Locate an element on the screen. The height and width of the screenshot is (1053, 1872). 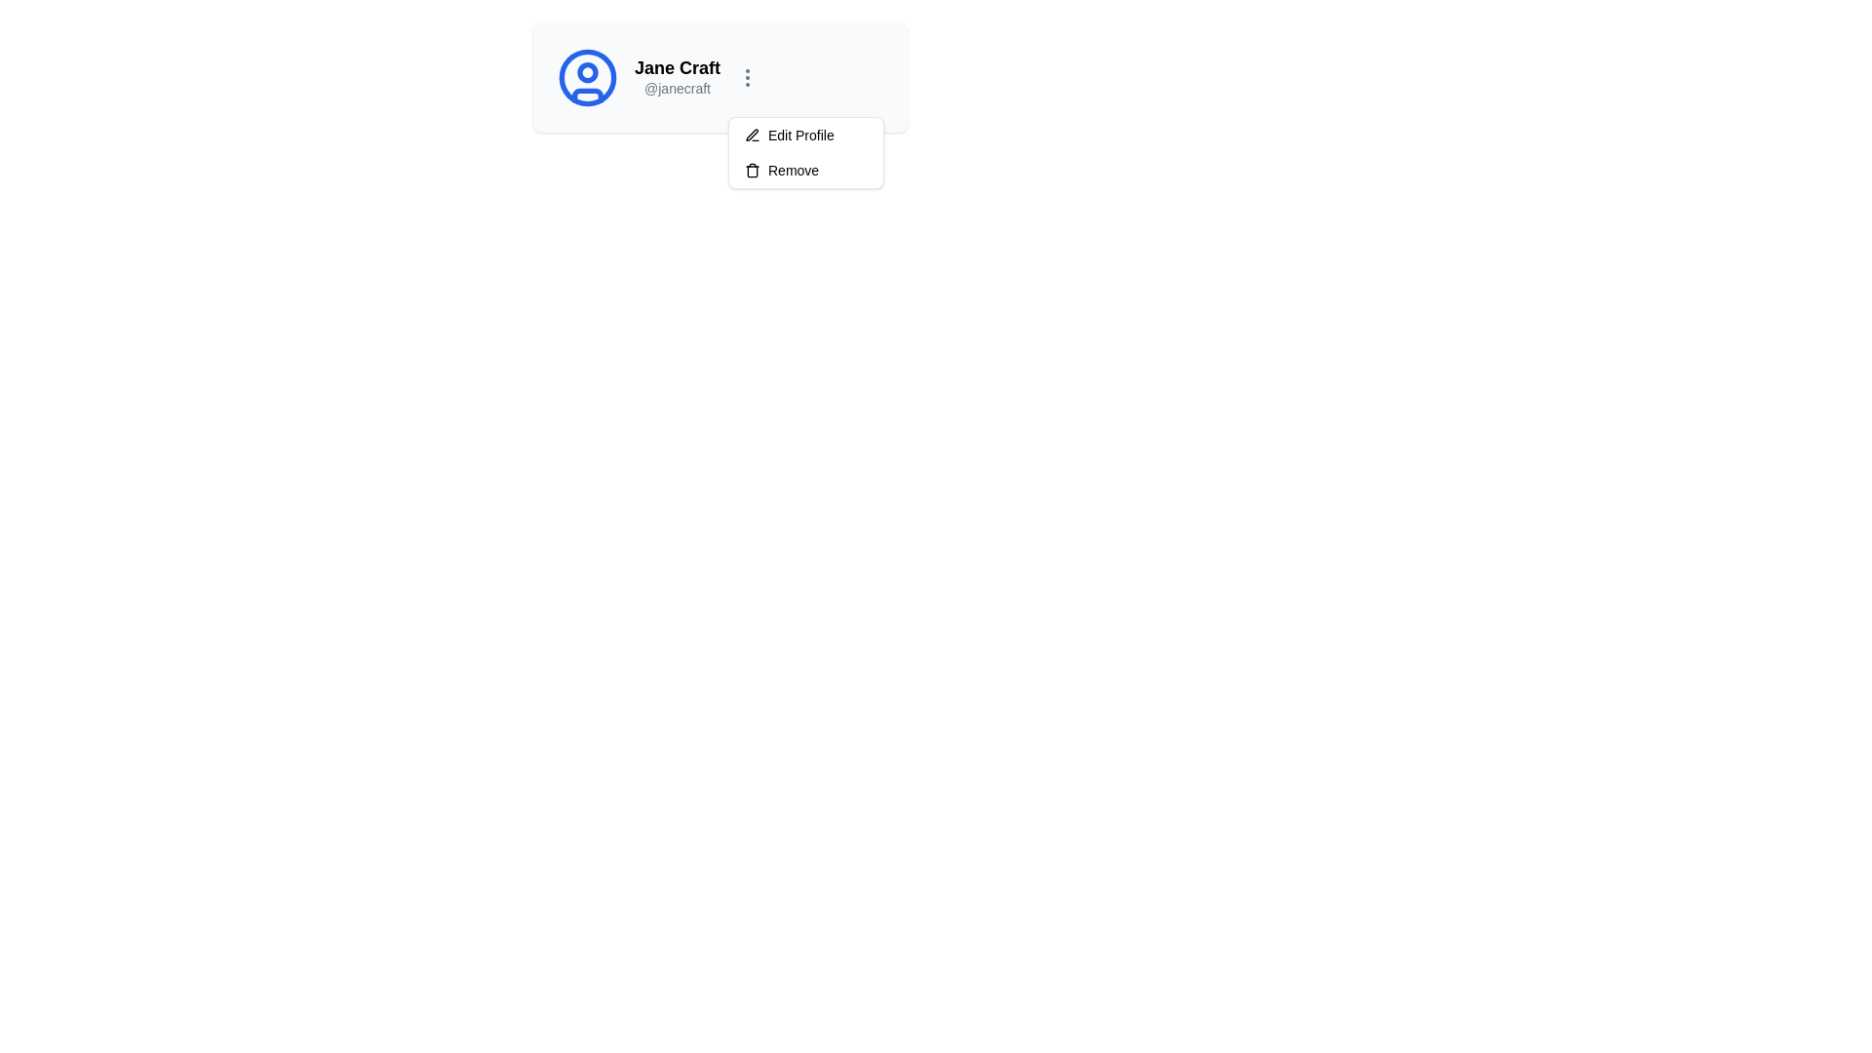
the 'Remove' dropdown menu item, which is the second item in the dropdown menu under 'Edit Profile' is located at coordinates (805, 169).